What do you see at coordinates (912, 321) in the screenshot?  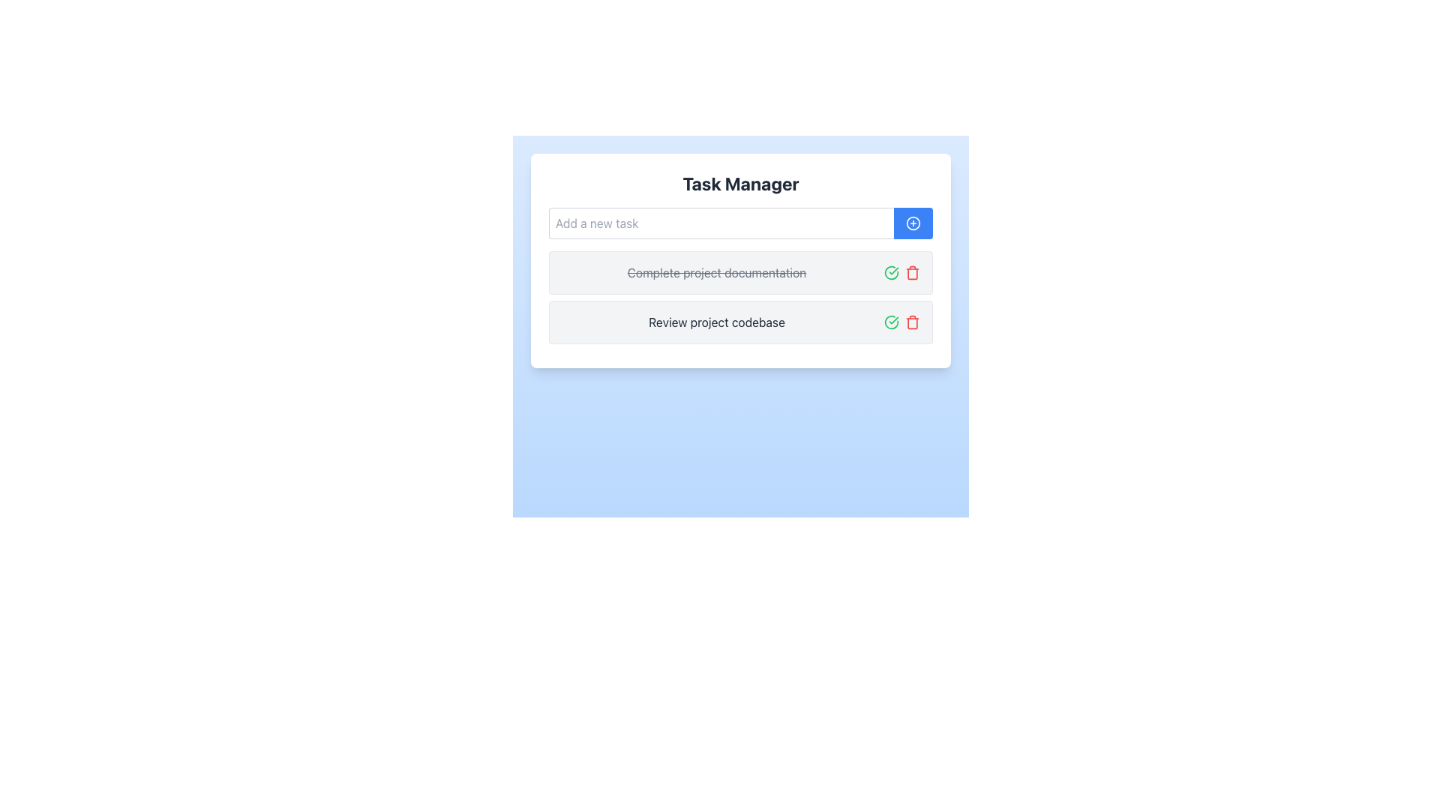 I see `the delete icon located at the far-right end of the task entry for 'Review project codebase'` at bounding box center [912, 321].